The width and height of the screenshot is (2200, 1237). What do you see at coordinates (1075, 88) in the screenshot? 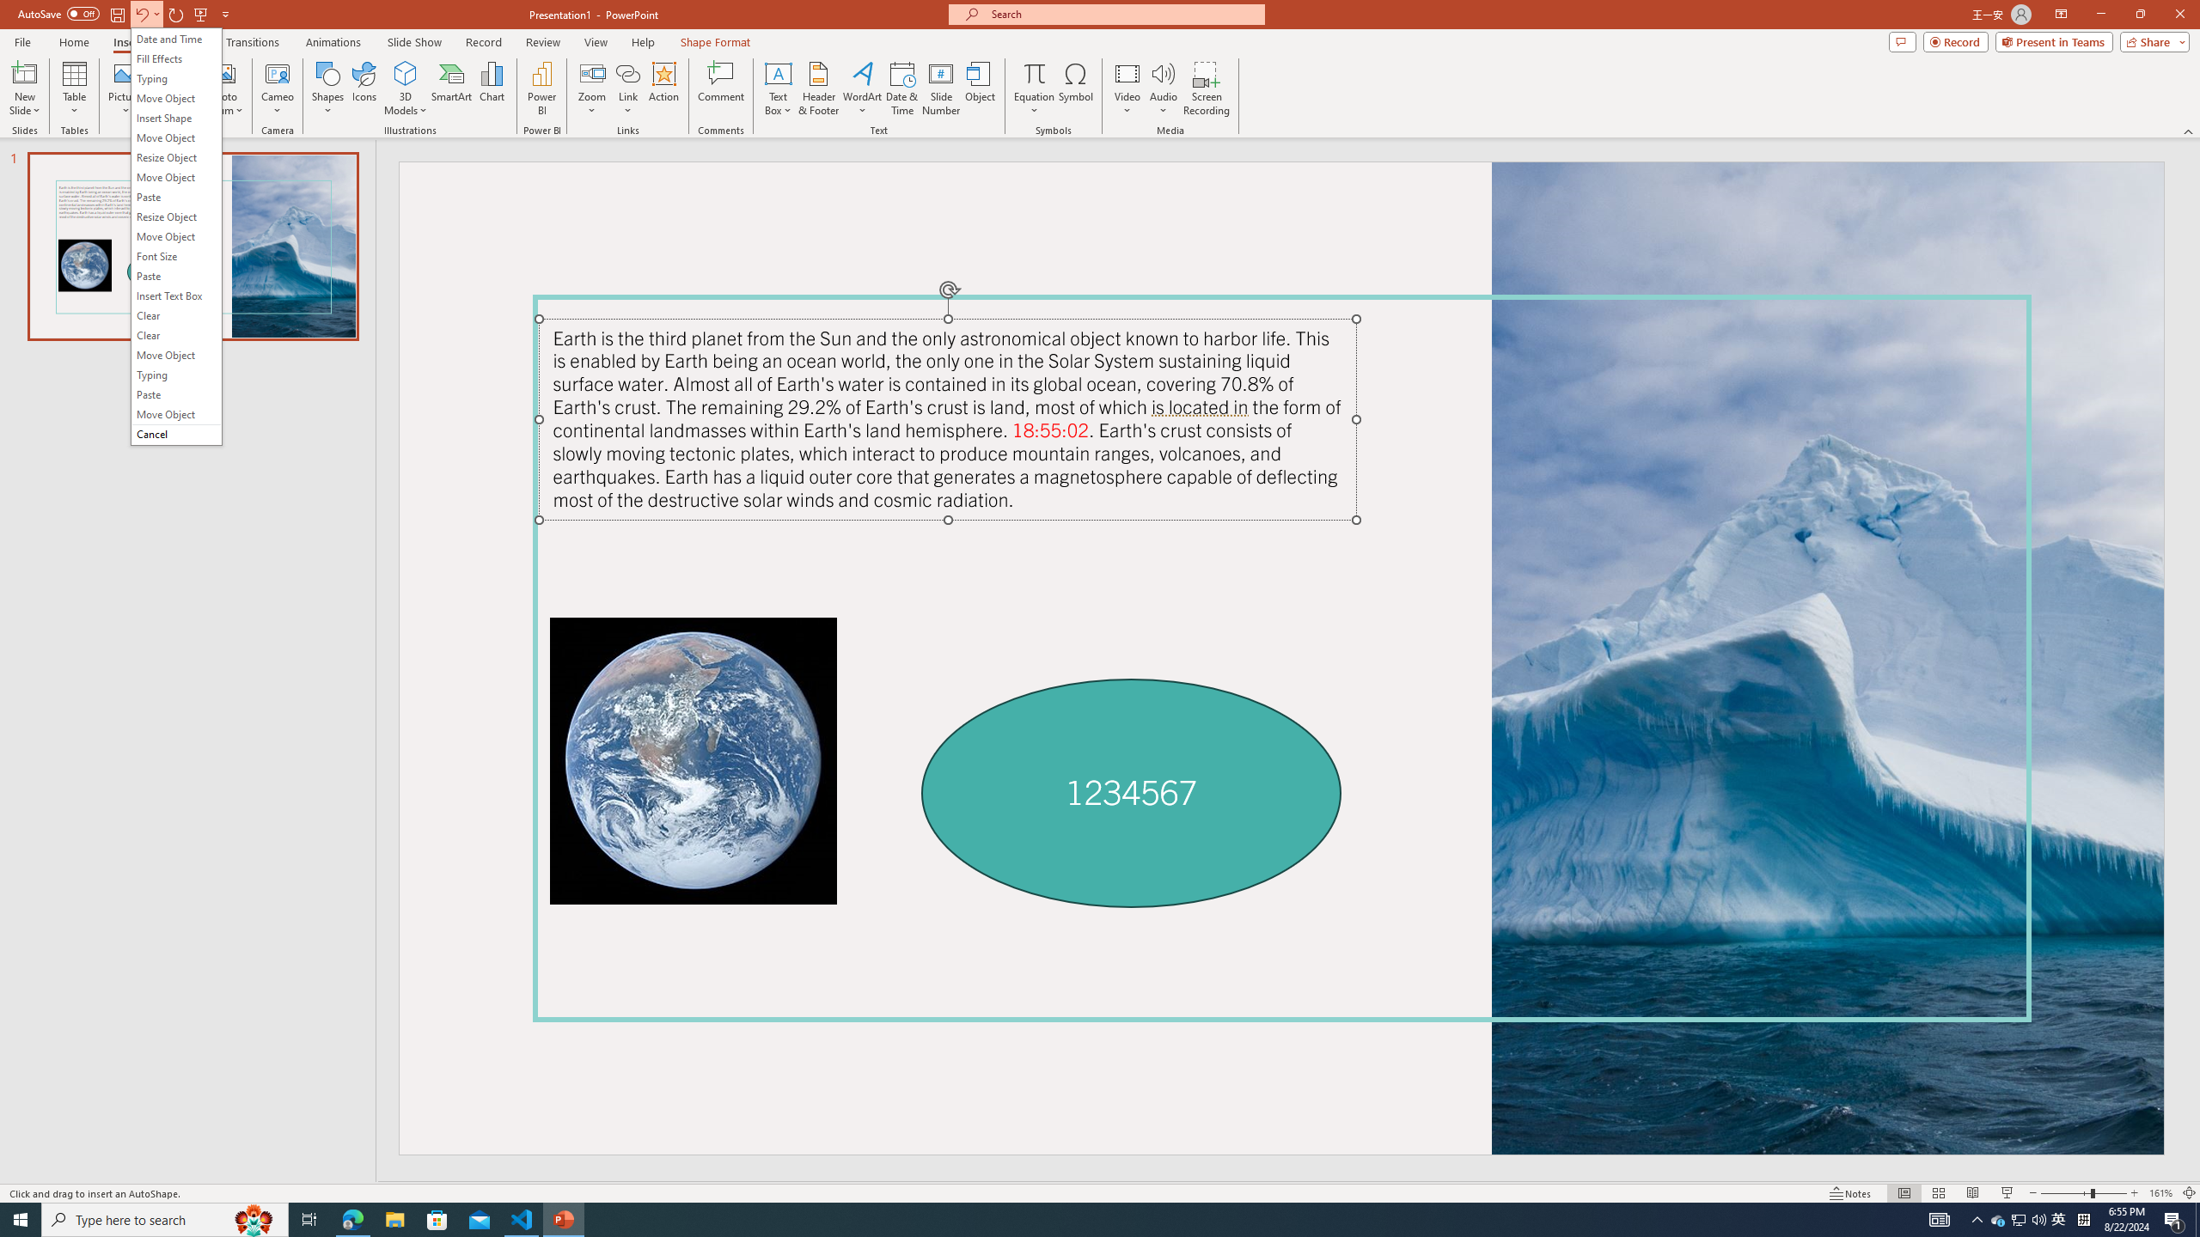
I see `'Symbol...'` at bounding box center [1075, 88].